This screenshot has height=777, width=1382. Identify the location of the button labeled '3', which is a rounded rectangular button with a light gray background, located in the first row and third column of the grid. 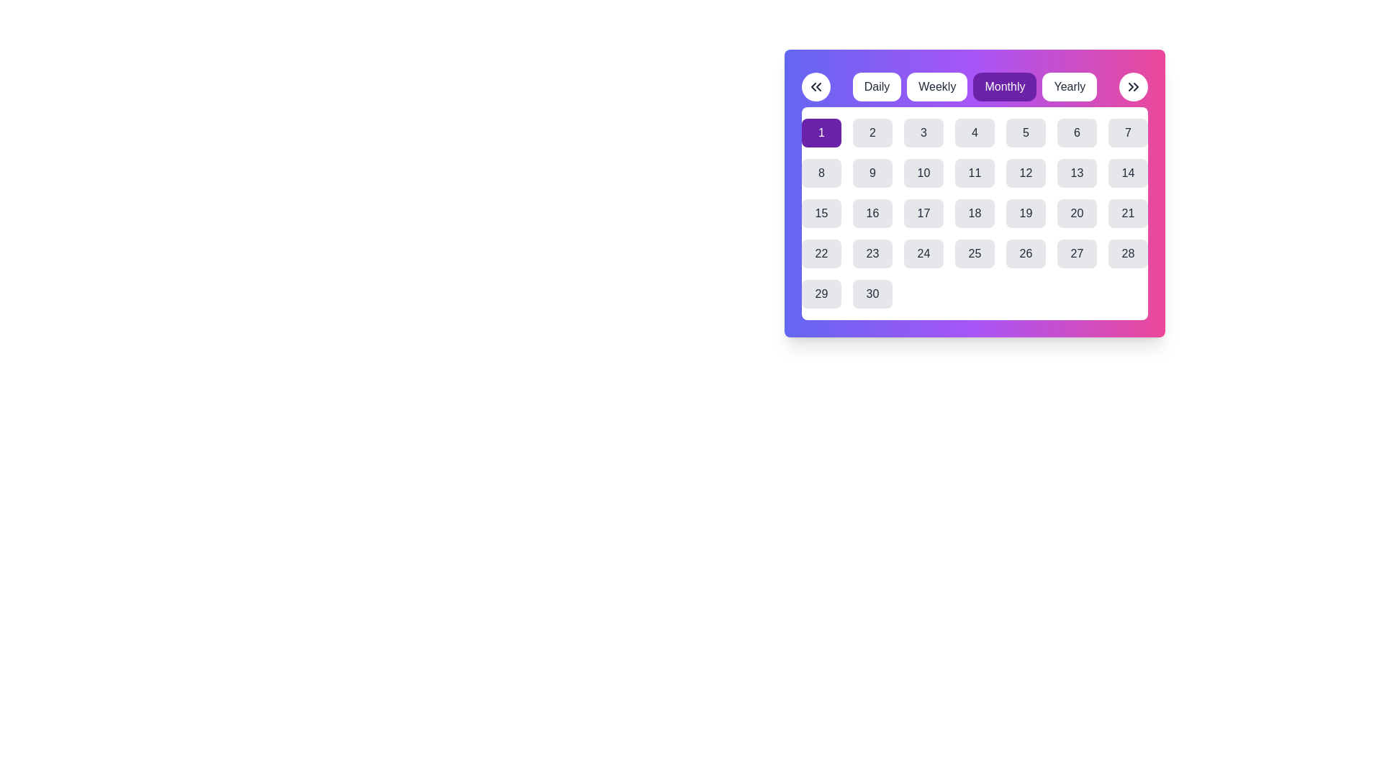
(923, 133).